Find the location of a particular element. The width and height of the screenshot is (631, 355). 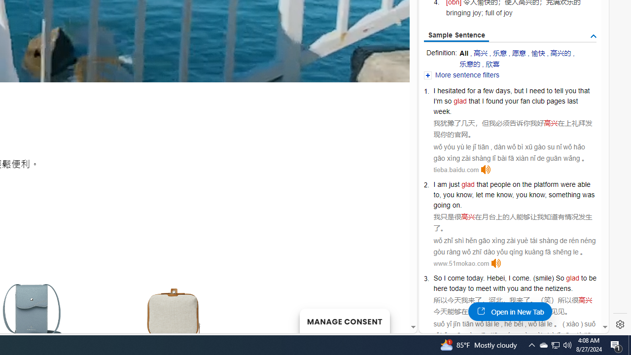

'Click to listen' is located at coordinates (496, 263).